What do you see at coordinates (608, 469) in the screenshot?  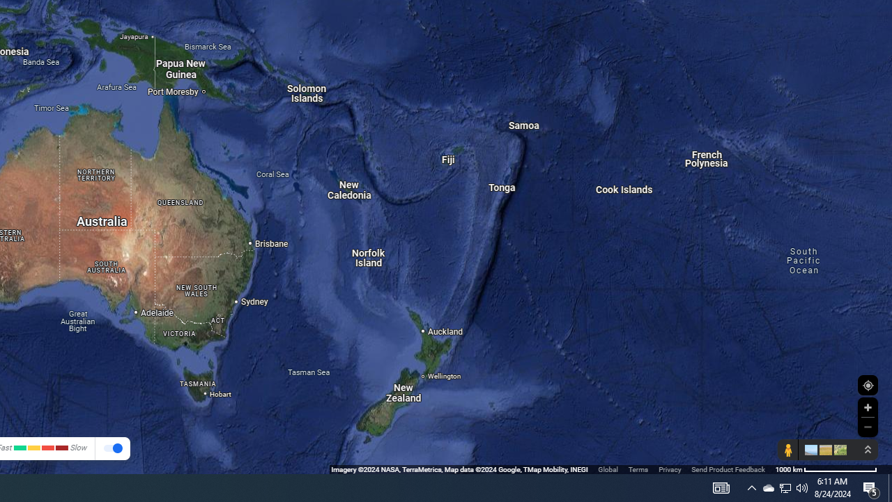 I see `'Global'` at bounding box center [608, 469].